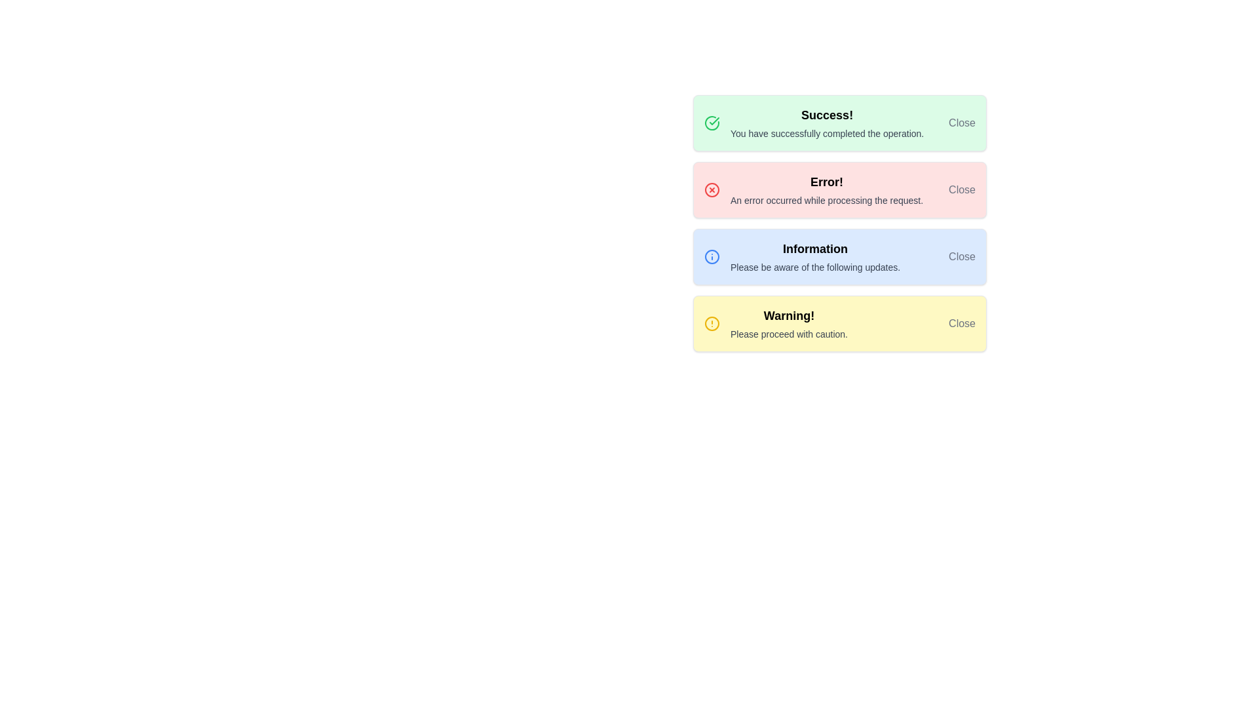 This screenshot has width=1258, height=708. Describe the element at coordinates (962, 189) in the screenshot. I see `the dismiss button styled as a text link in medium gray font, located to the far-right of the error alert message` at that location.